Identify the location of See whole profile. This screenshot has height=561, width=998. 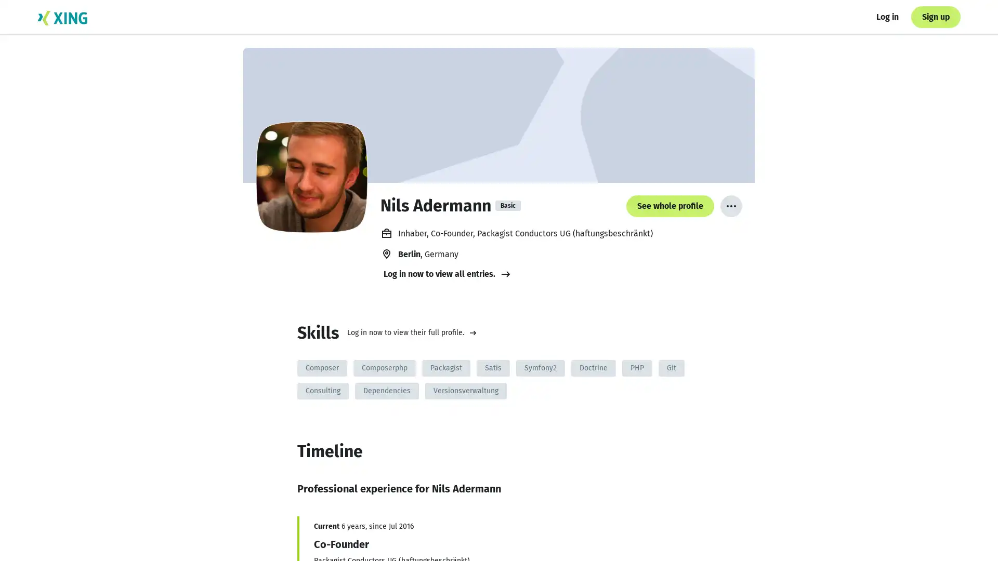
(670, 206).